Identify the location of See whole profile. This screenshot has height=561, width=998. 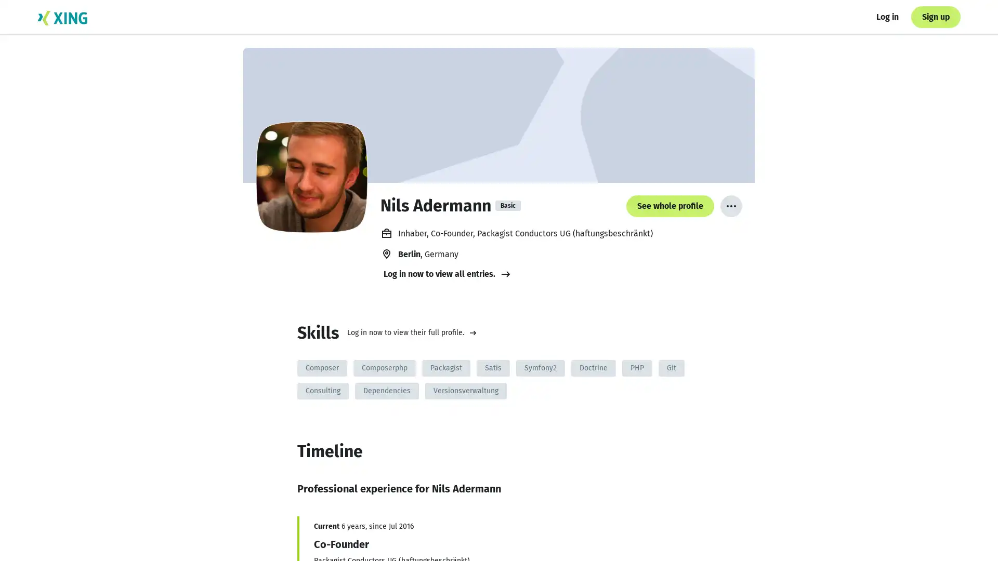
(670, 206).